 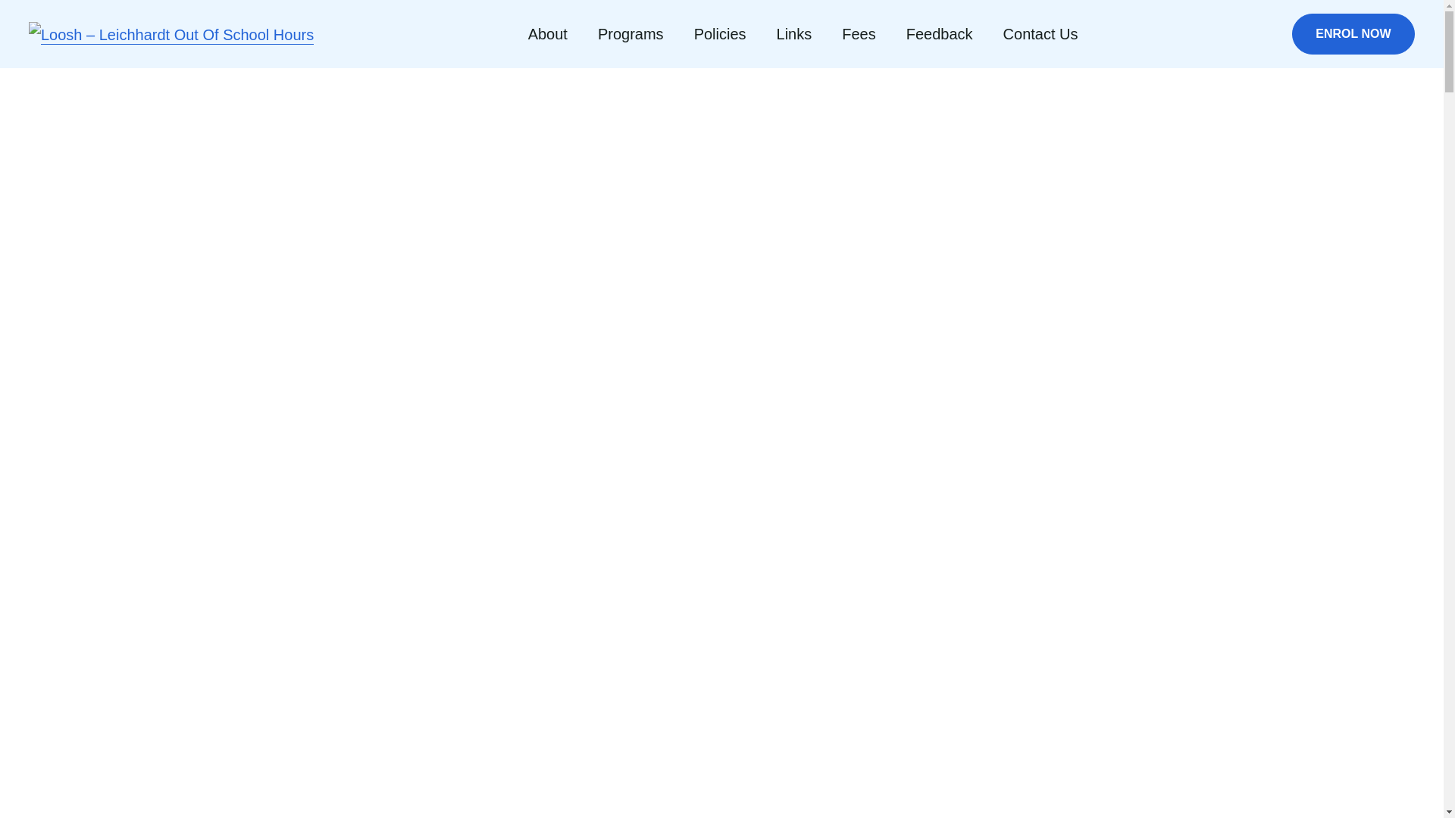 I want to click on 'About', so click(x=547, y=34).